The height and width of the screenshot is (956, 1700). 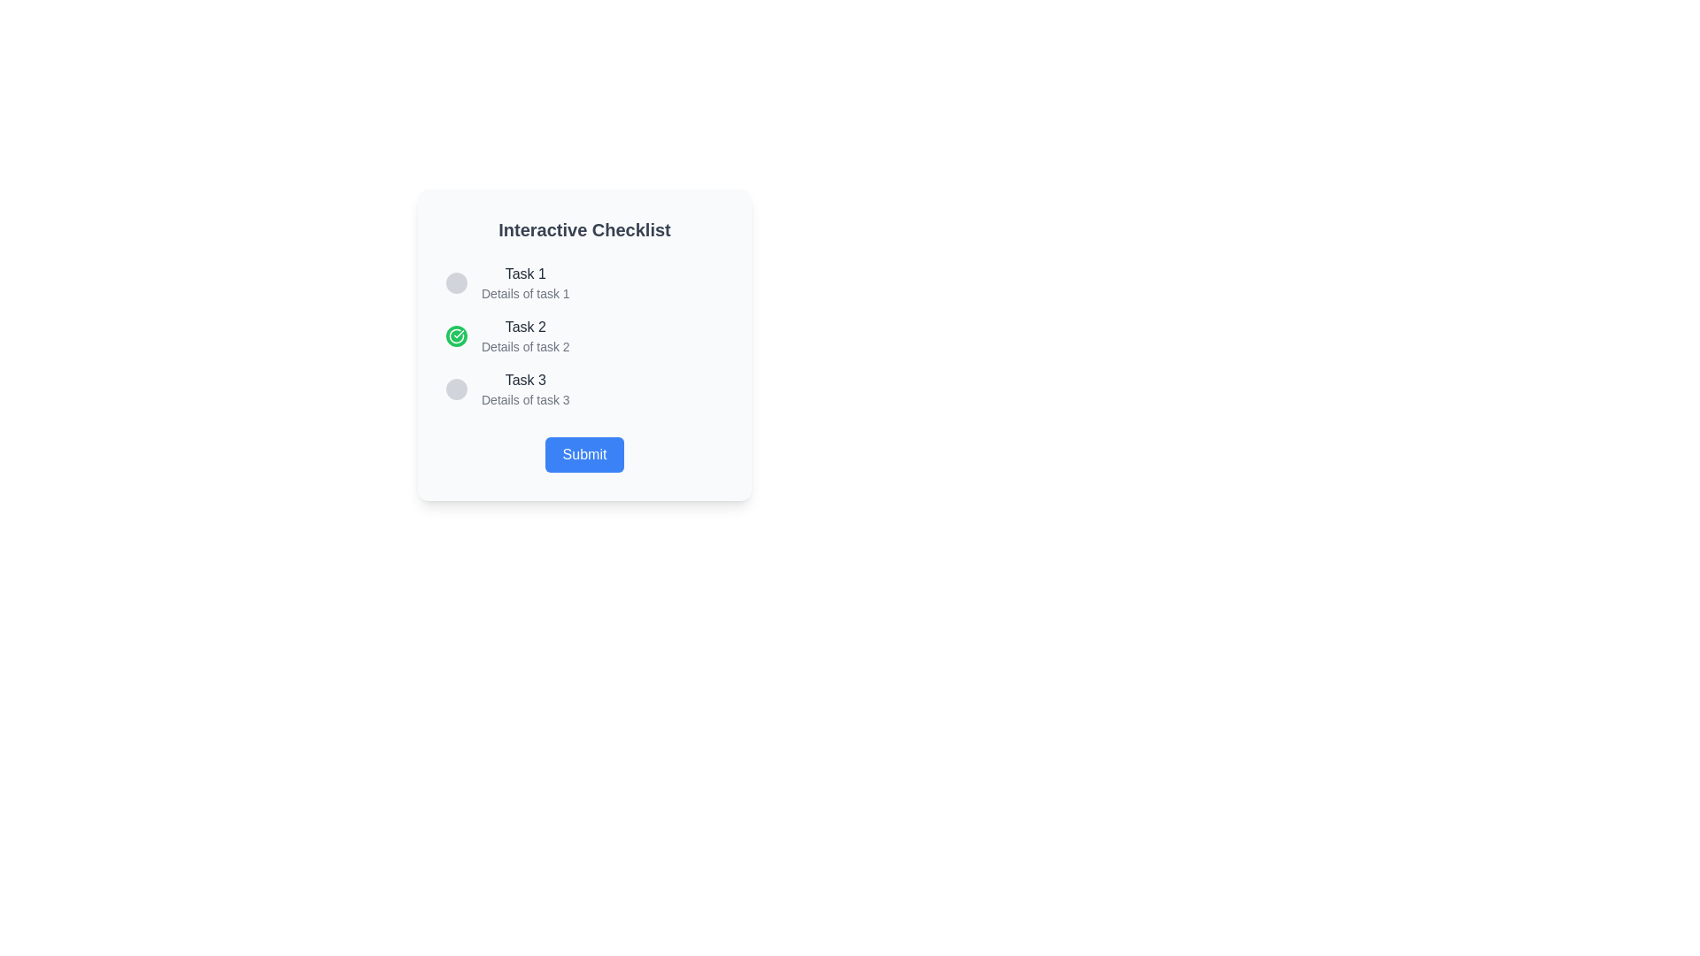 What do you see at coordinates (456, 336) in the screenshot?
I see `the Decorative icon or status indicator that signifies the completion status of 'Task 2' in the checklist, which is positioned inline to the left of the text 'Task 2'` at bounding box center [456, 336].